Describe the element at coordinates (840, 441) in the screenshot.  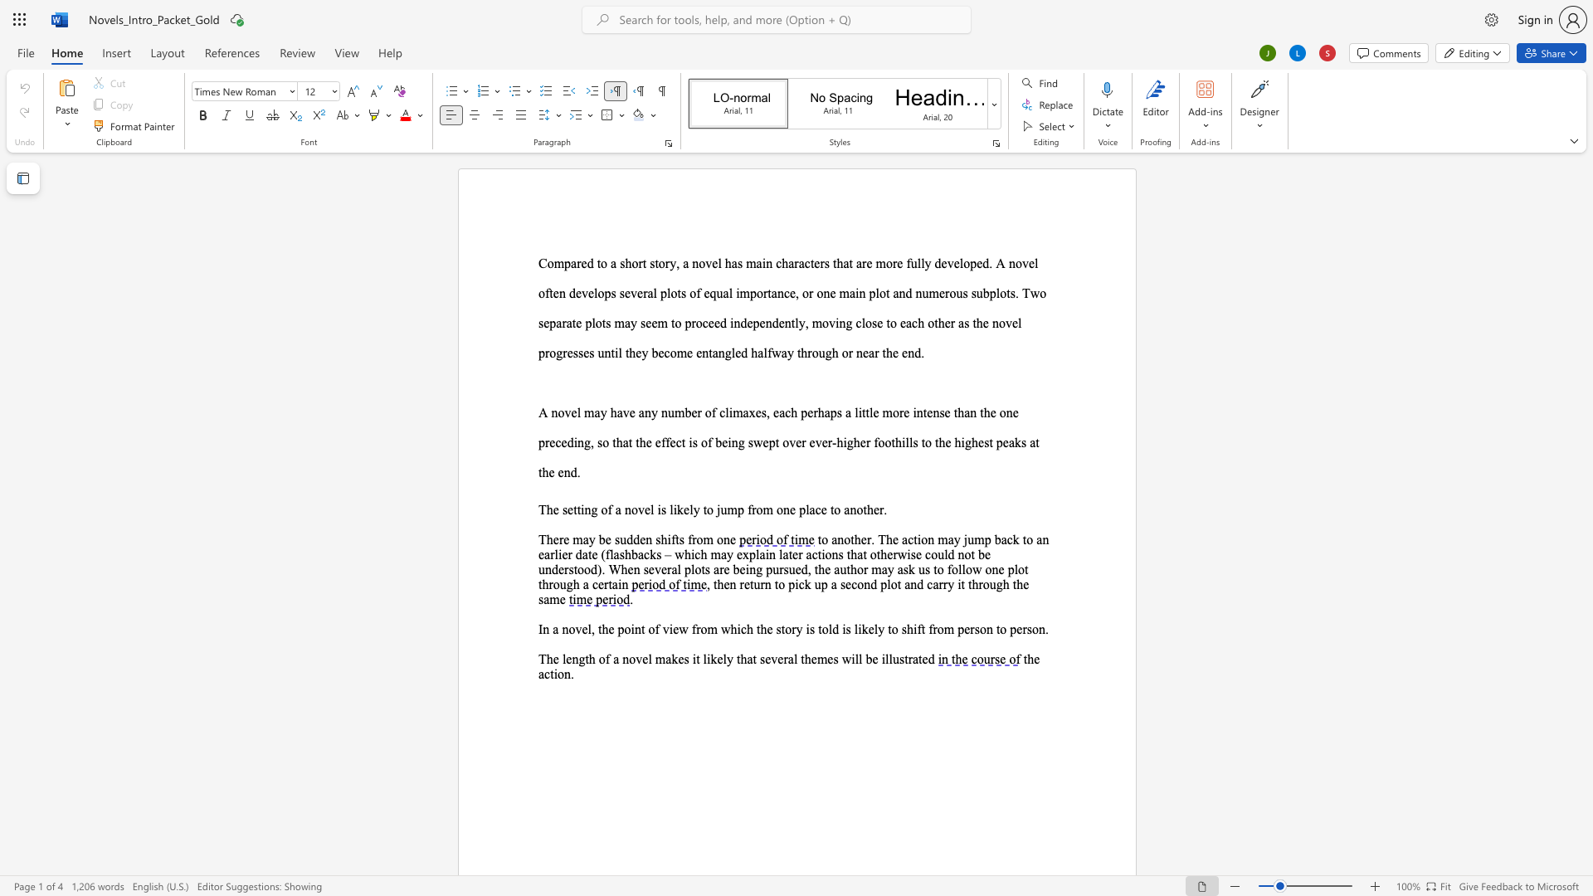
I see `the 5th character "h" in the text` at that location.